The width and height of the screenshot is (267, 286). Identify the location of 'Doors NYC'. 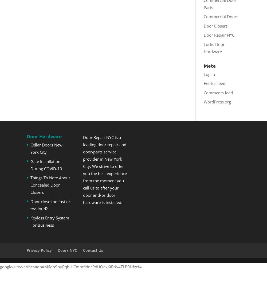
(67, 250).